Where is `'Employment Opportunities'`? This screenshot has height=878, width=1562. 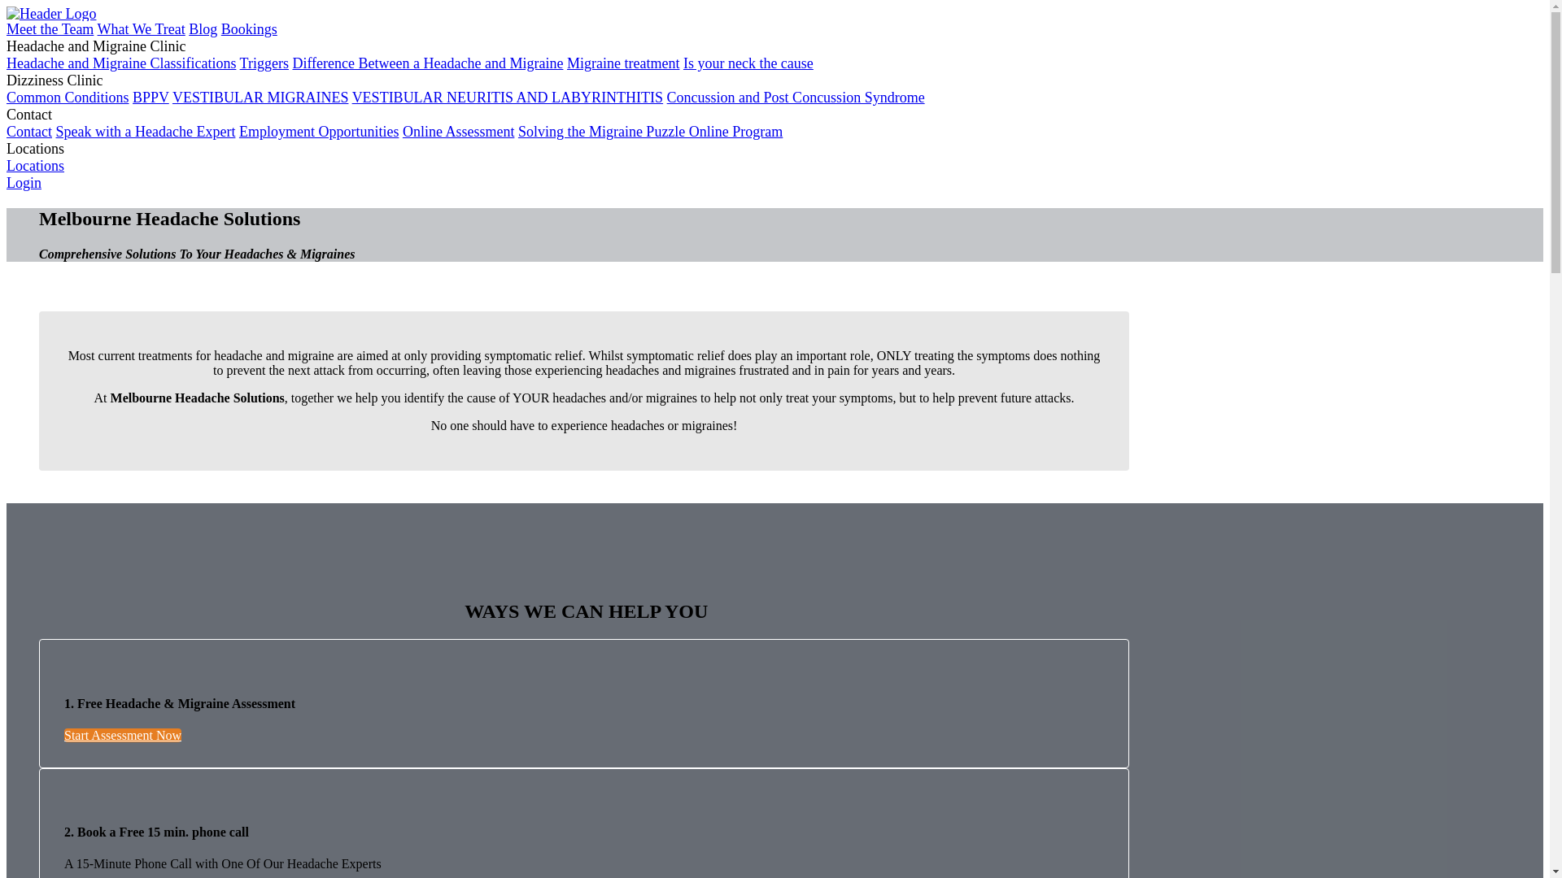
'Employment Opportunities' is located at coordinates (319, 131).